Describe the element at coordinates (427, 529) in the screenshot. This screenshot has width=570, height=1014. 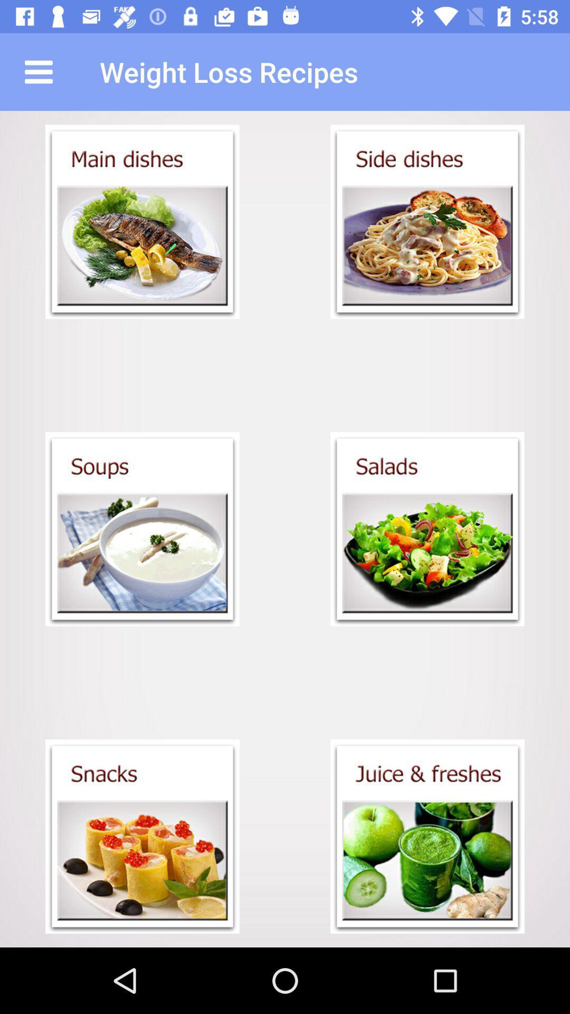
I see `the icon on the right` at that location.